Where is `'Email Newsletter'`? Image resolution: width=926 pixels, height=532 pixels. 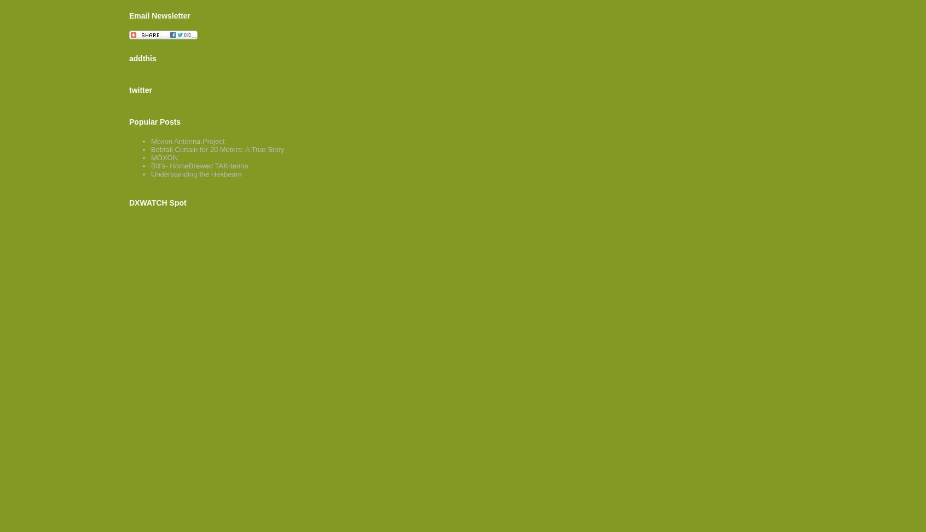 'Email Newsletter' is located at coordinates (159, 15).